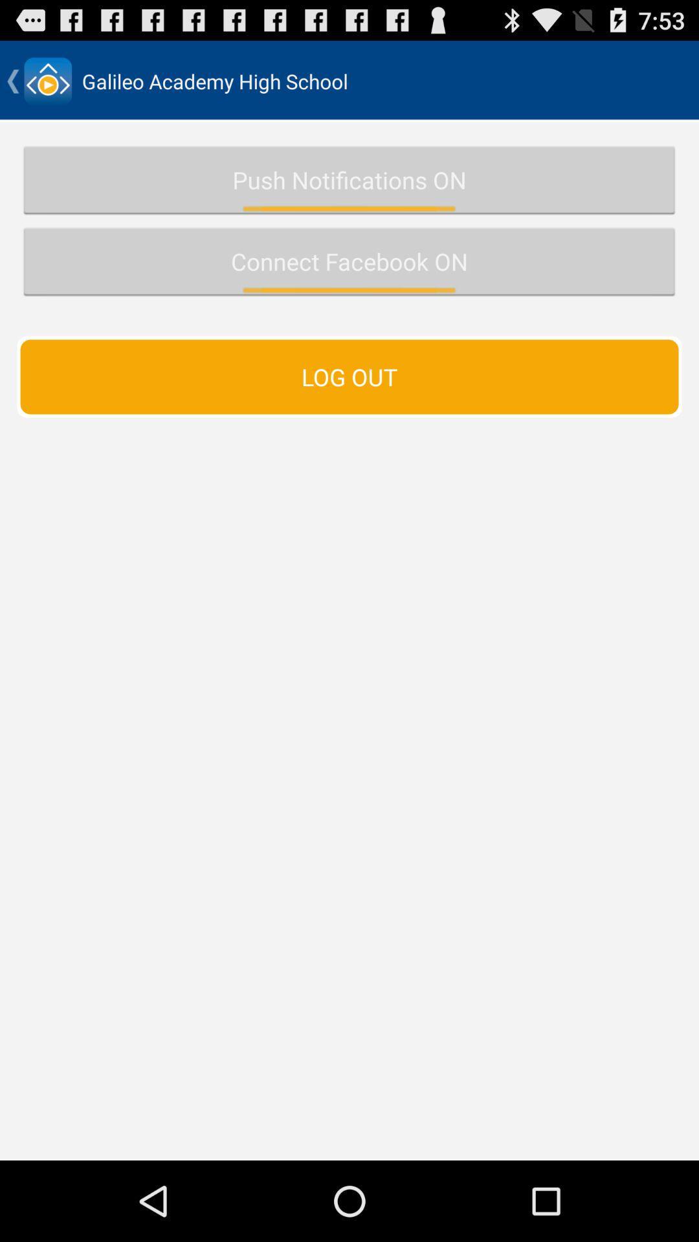  What do you see at coordinates (349, 261) in the screenshot?
I see `the icon below the push notifications on icon` at bounding box center [349, 261].